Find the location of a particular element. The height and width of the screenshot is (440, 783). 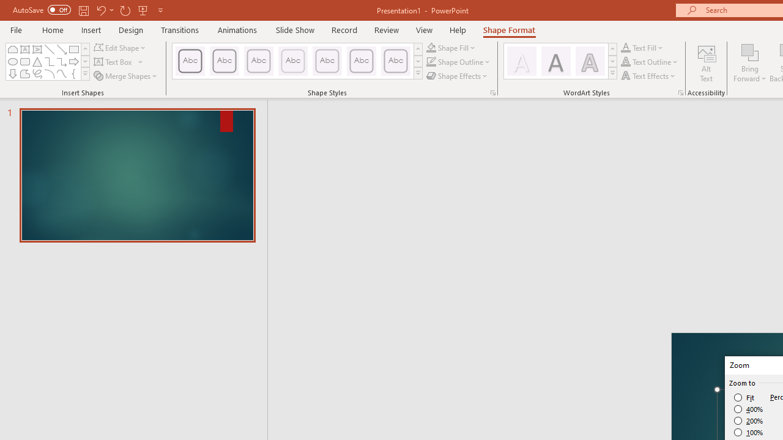

'Fill: White, Text color 1; Shadow' is located at coordinates (522, 61).